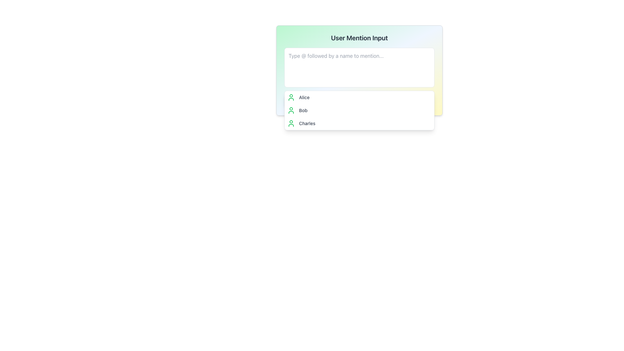 The image size is (624, 351). What do you see at coordinates (359, 110) in the screenshot?
I see `the second item in the dropdown menu` at bounding box center [359, 110].